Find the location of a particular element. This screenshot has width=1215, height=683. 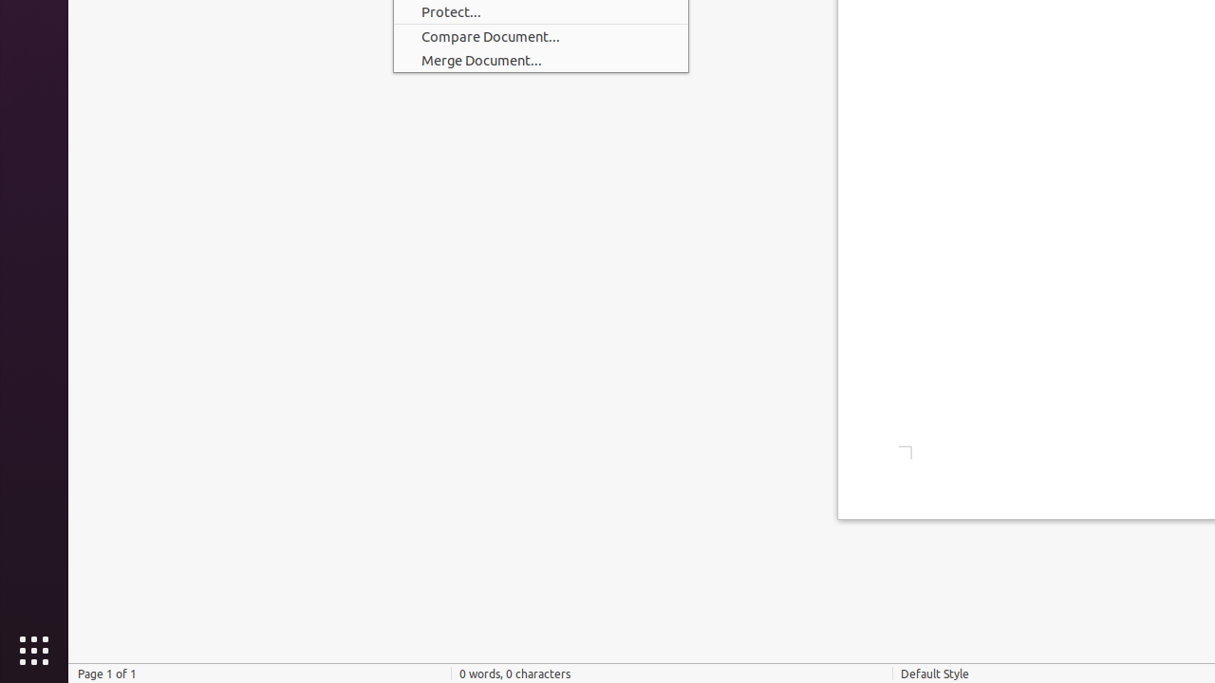

'Show Applications' is located at coordinates (33, 650).